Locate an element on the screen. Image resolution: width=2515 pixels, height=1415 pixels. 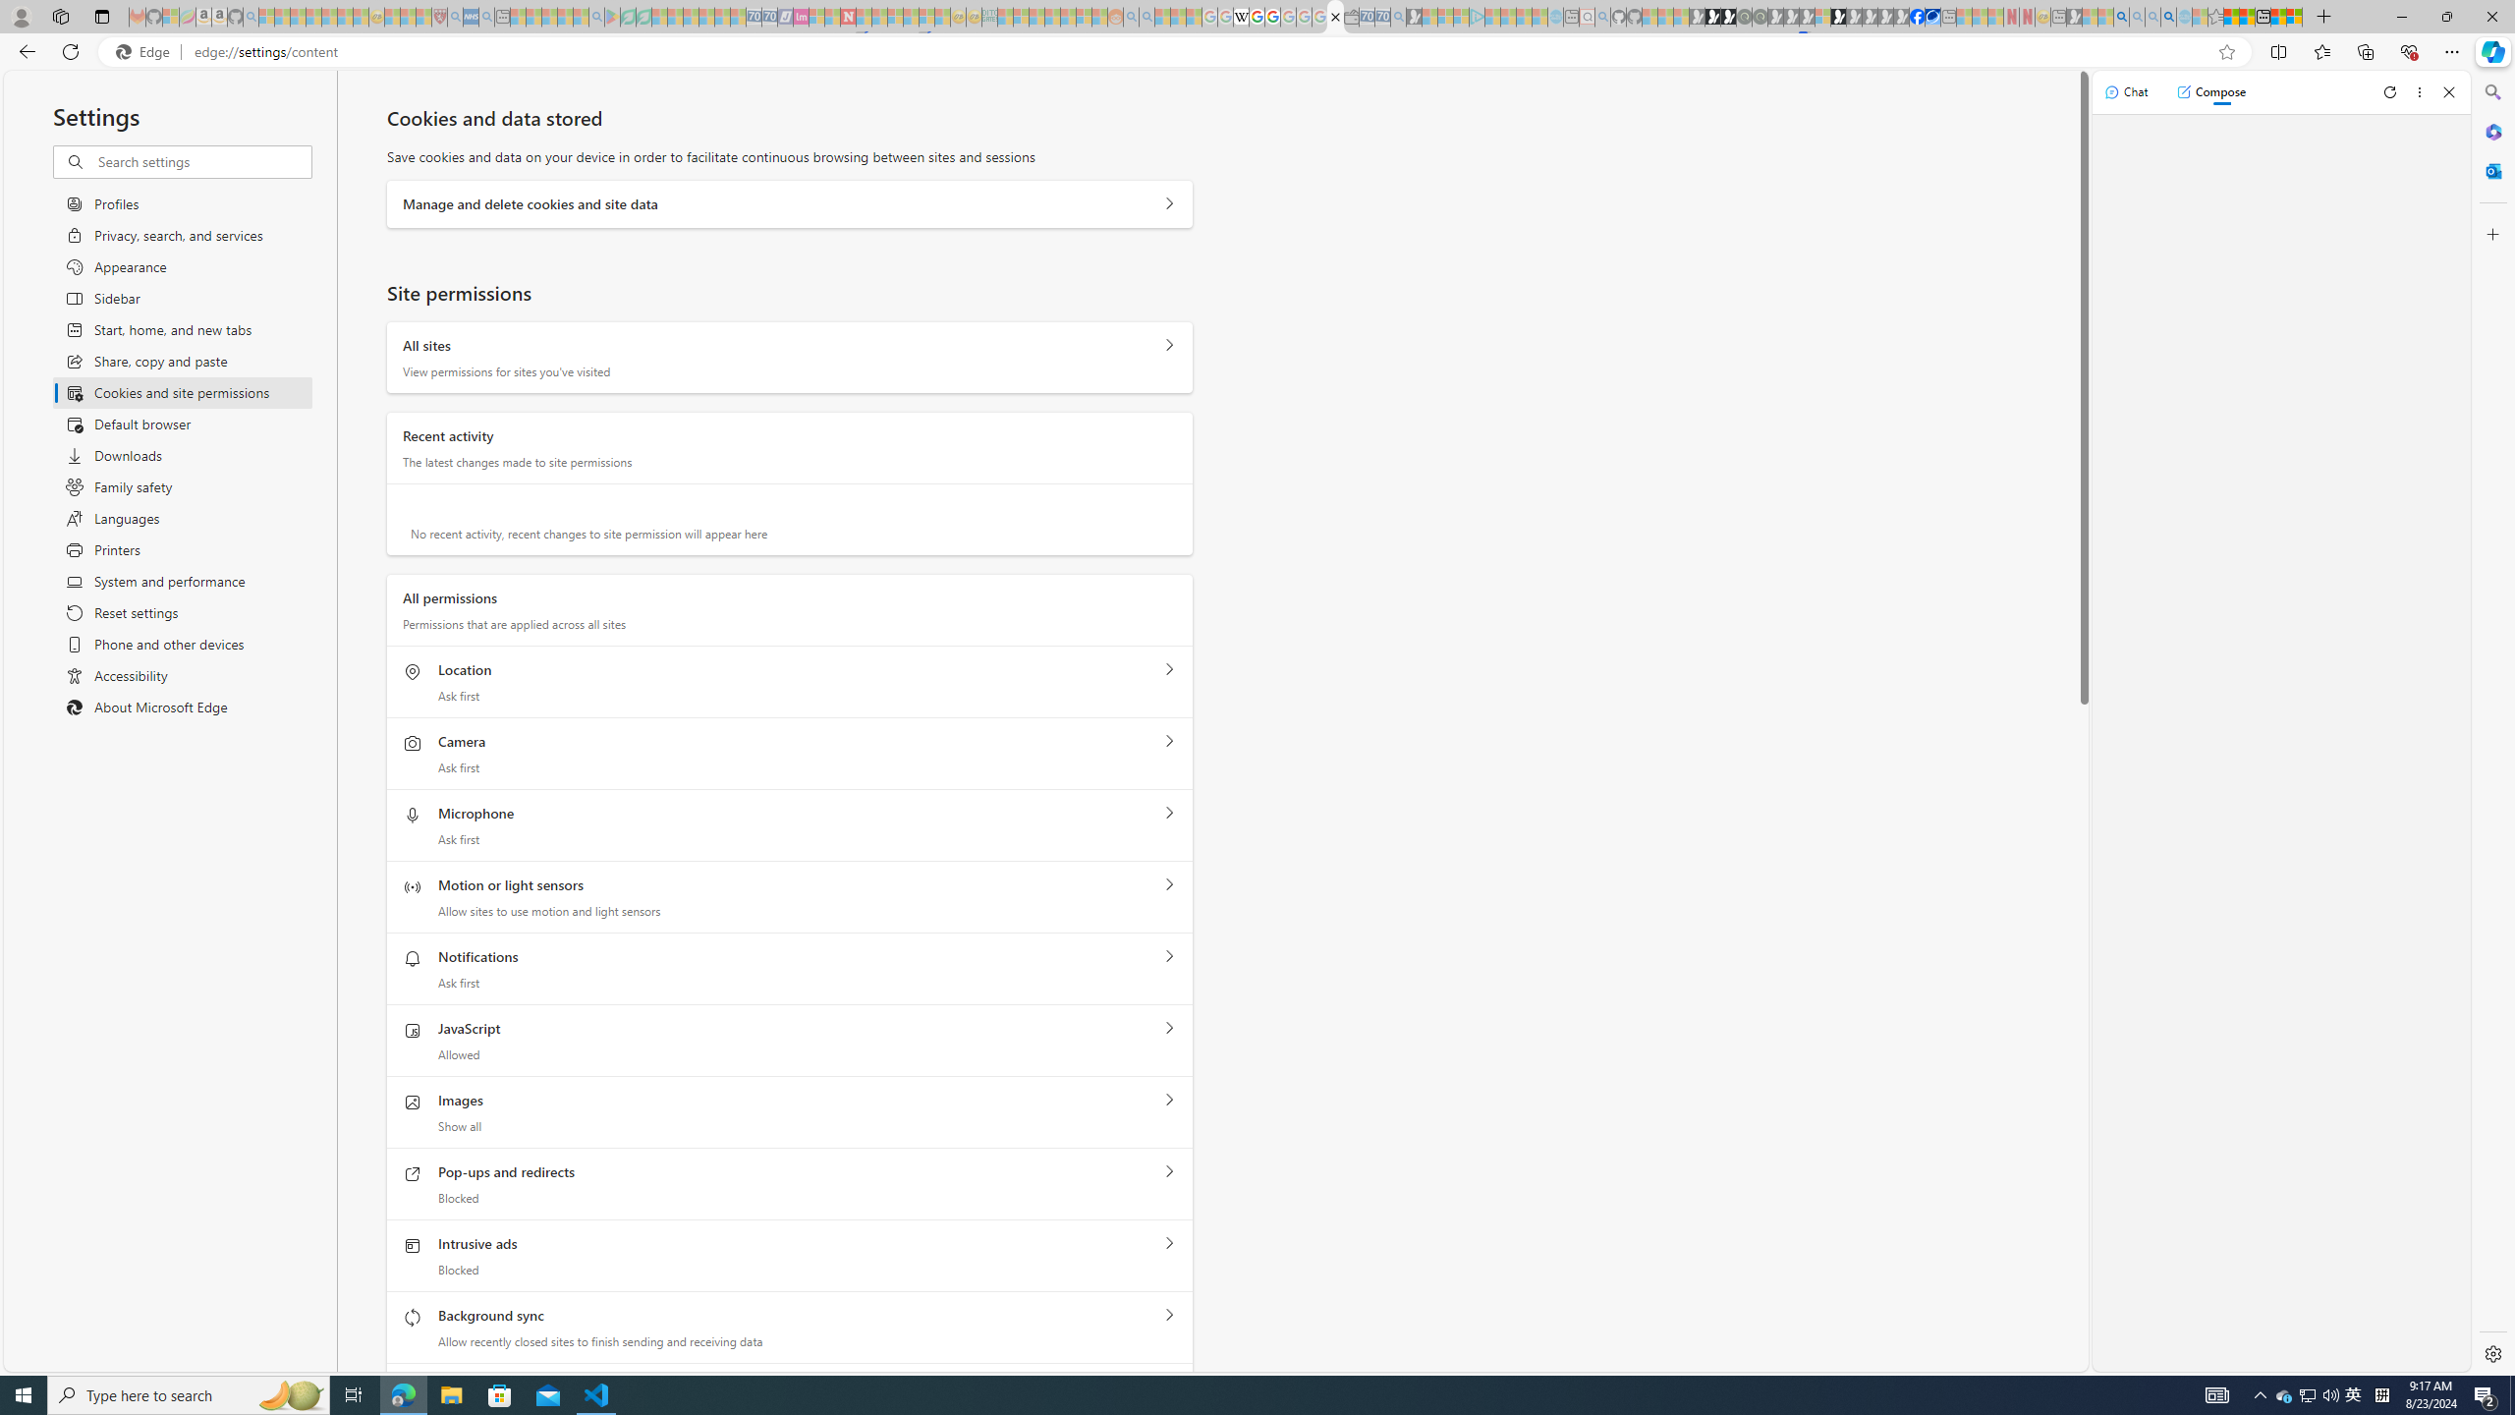
'DITOGAMES AG Imprint - Sleeping' is located at coordinates (988, 16).